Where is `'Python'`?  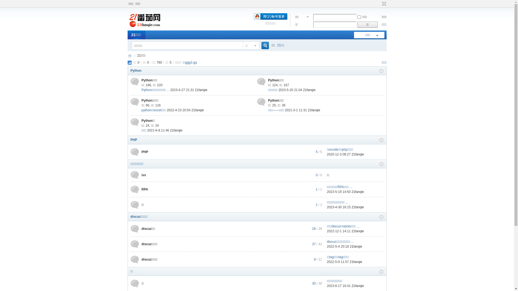 'Python' is located at coordinates (136, 70).